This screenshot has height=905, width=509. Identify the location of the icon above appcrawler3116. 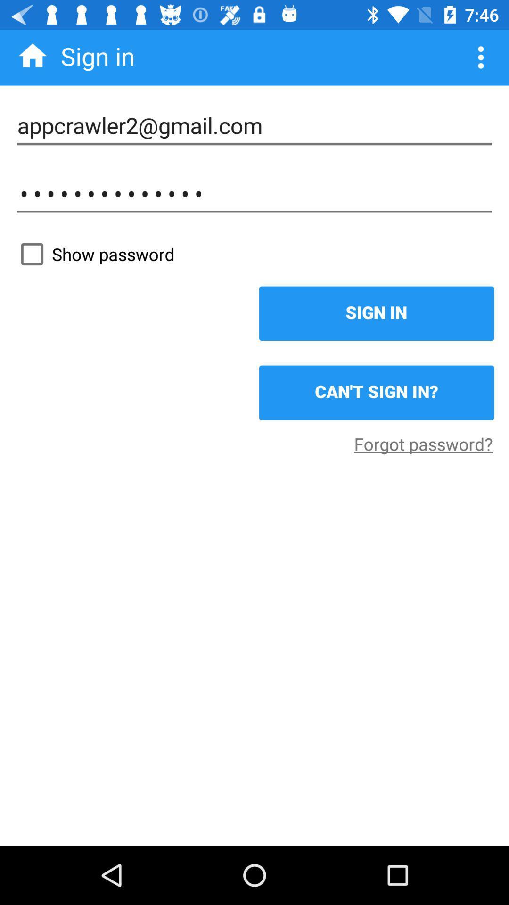
(254, 125).